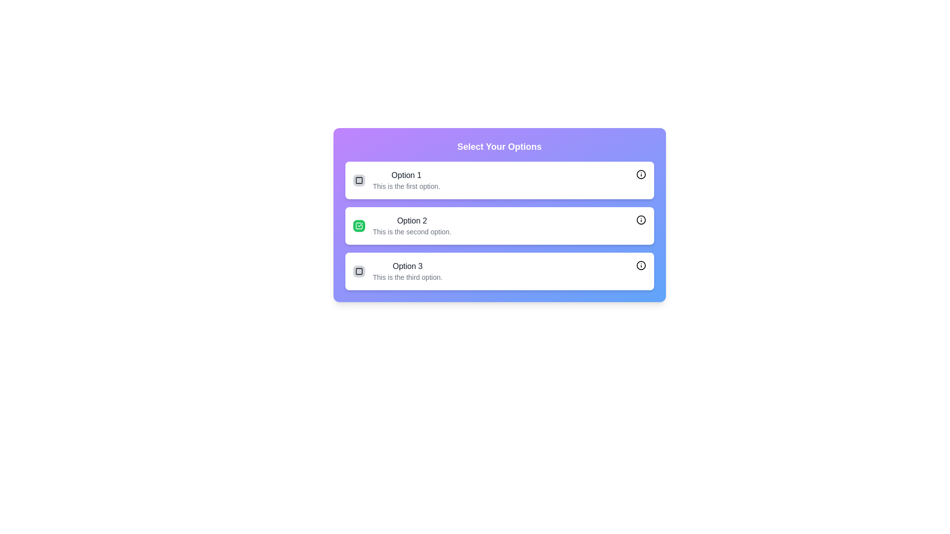  Describe the element at coordinates (641, 174) in the screenshot. I see `the informational icon located in the 'Option 1' card, which is the rightmost element adjacent to the descriptive text` at that location.